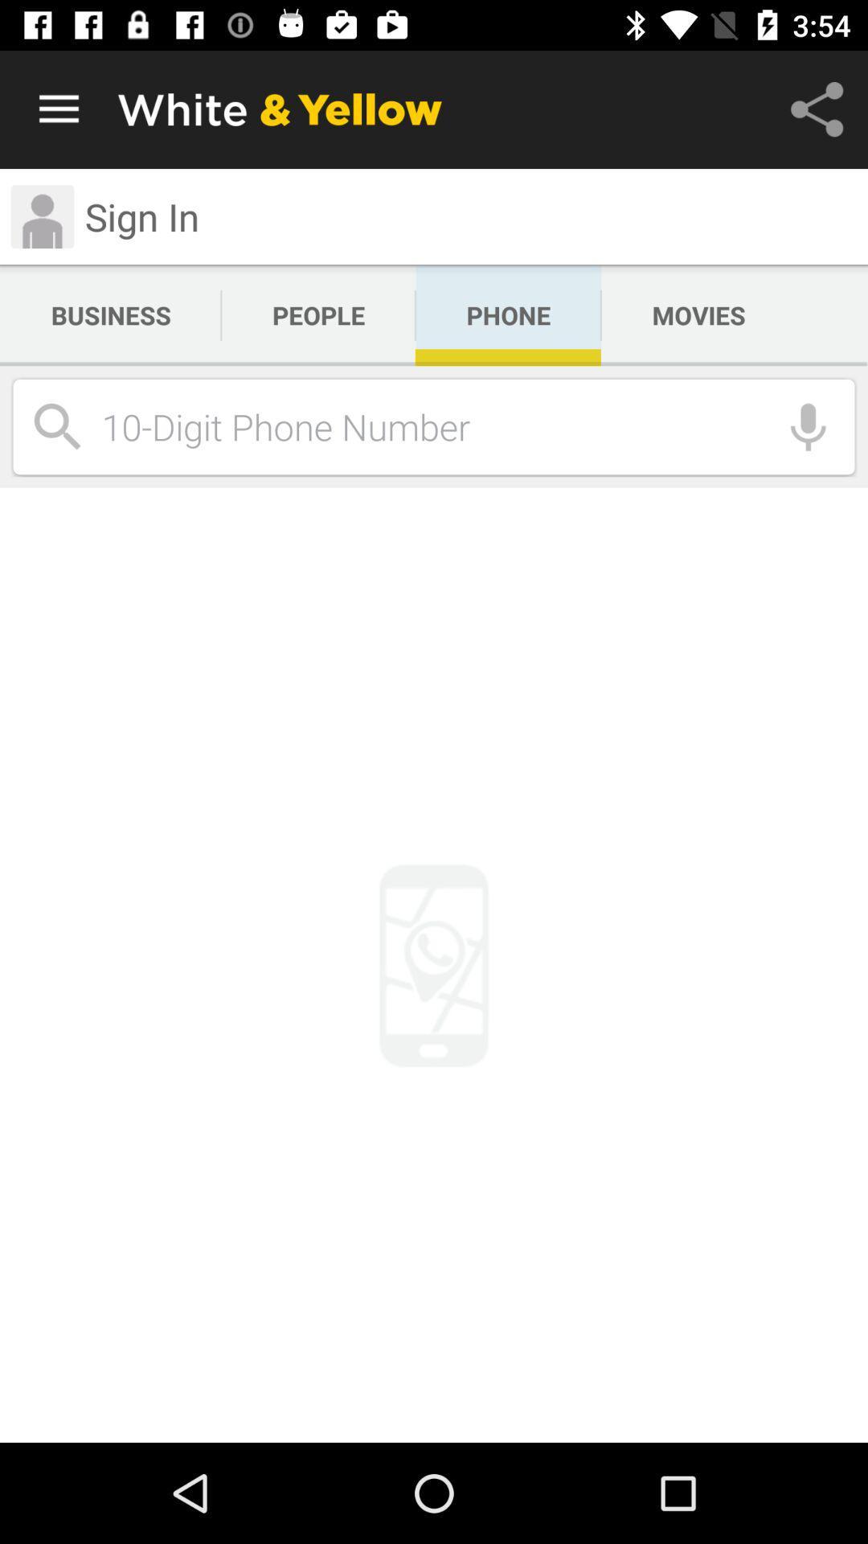  I want to click on the icon to the left of phone icon, so click(318, 315).